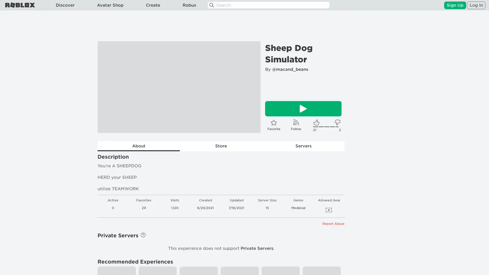  What do you see at coordinates (250, 87) in the screenshot?
I see `Next` at bounding box center [250, 87].